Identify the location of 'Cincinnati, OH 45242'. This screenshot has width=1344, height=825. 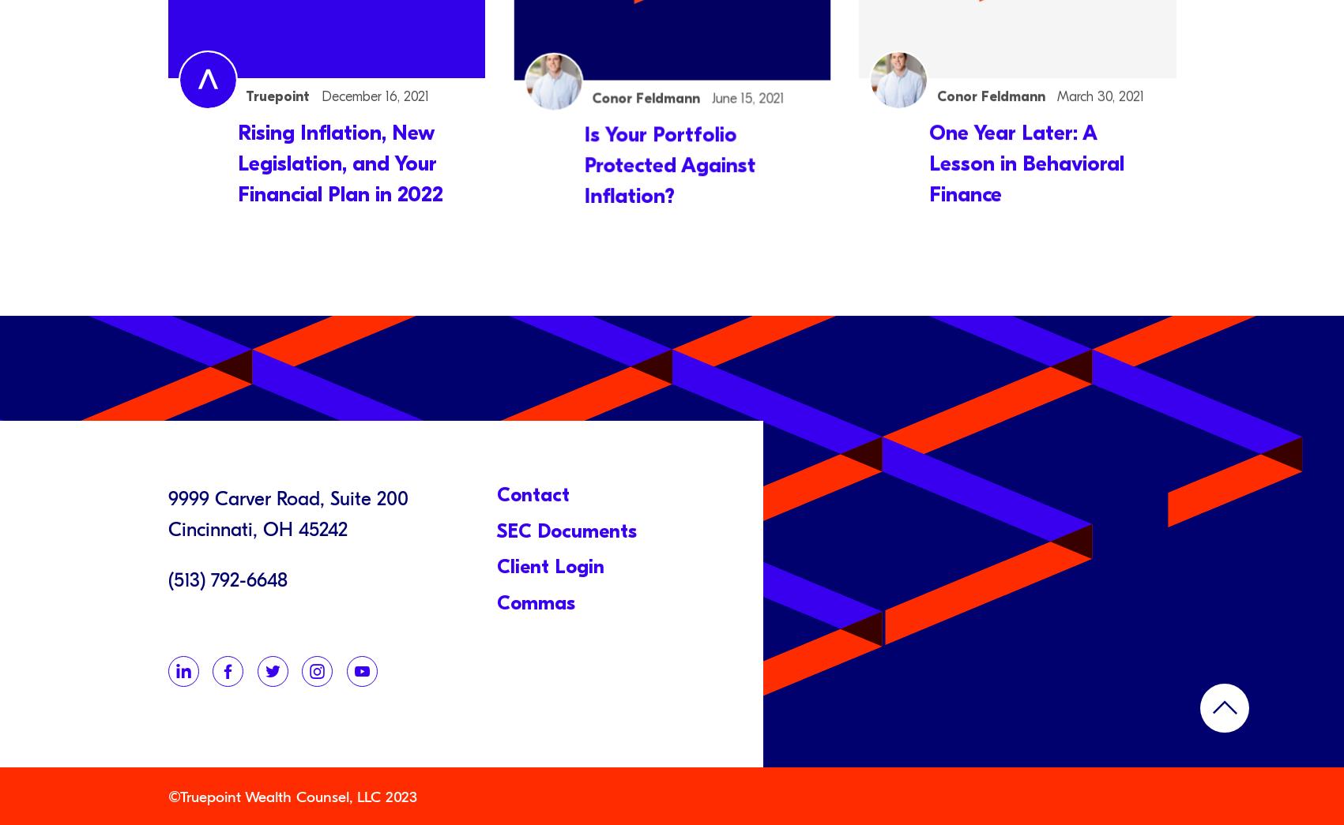
(257, 528).